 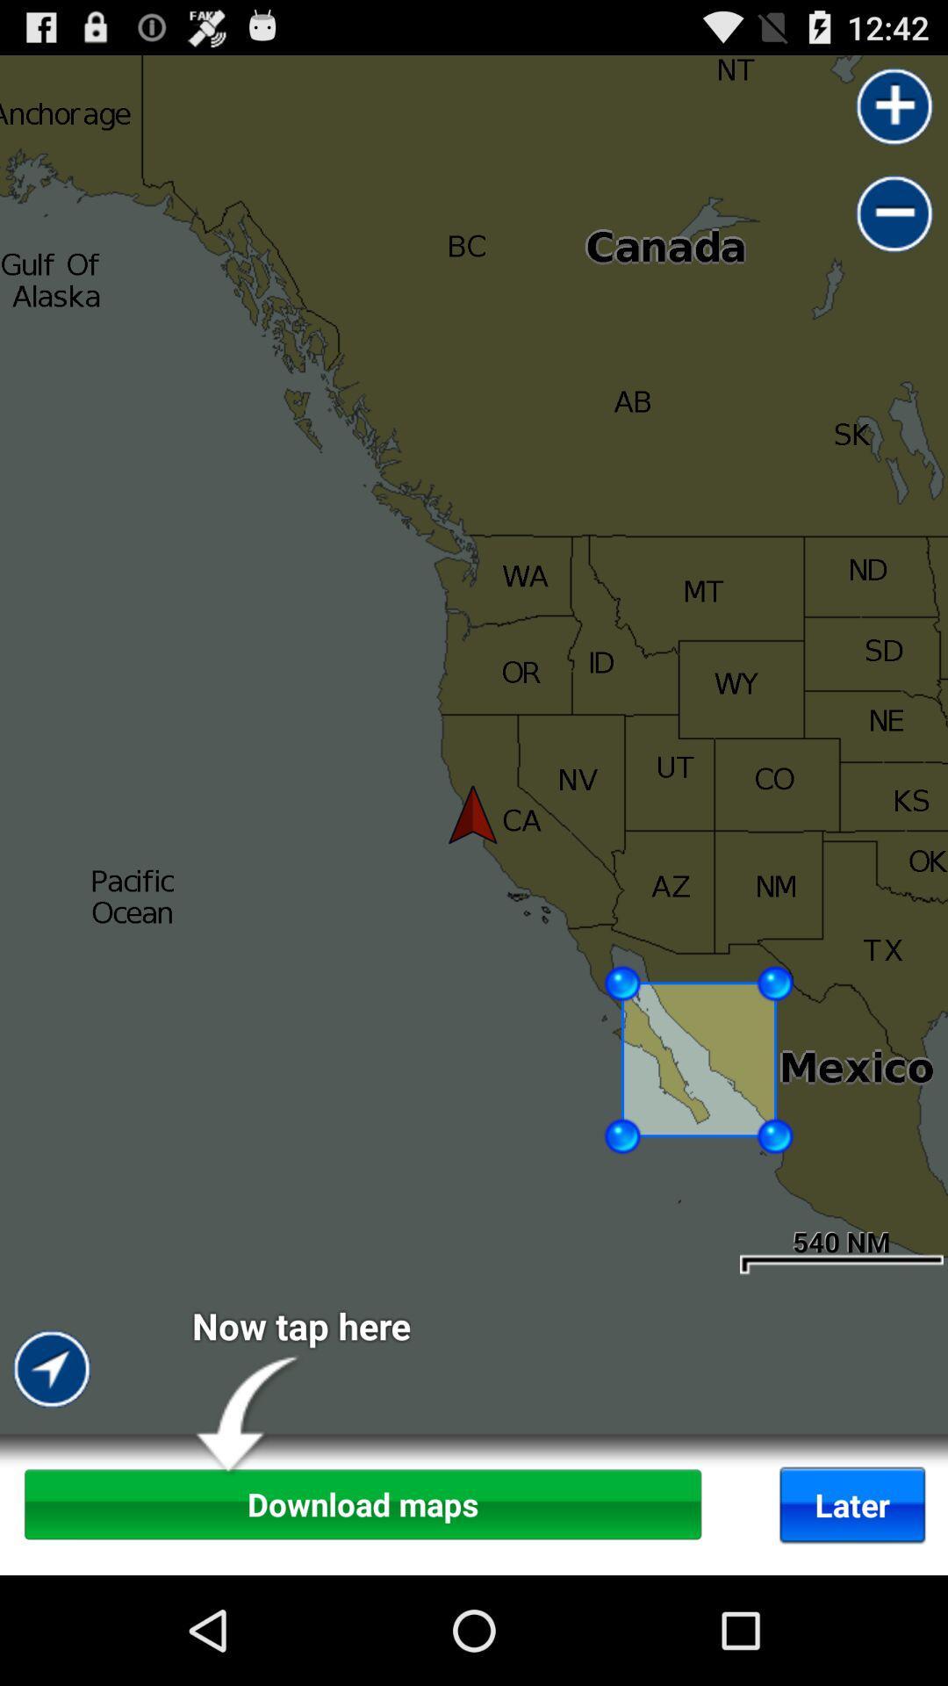 What do you see at coordinates (52, 1495) in the screenshot?
I see `the navigation icon` at bounding box center [52, 1495].